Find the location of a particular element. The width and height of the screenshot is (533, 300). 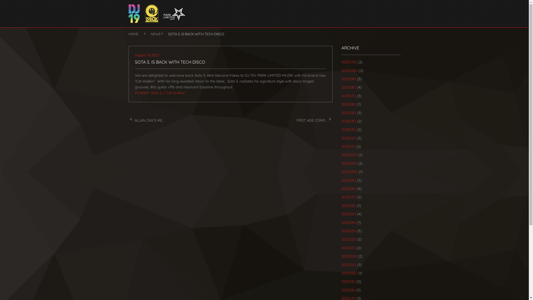

'FIRST ADE COMP... chevron_right' is located at coordinates (314, 120).